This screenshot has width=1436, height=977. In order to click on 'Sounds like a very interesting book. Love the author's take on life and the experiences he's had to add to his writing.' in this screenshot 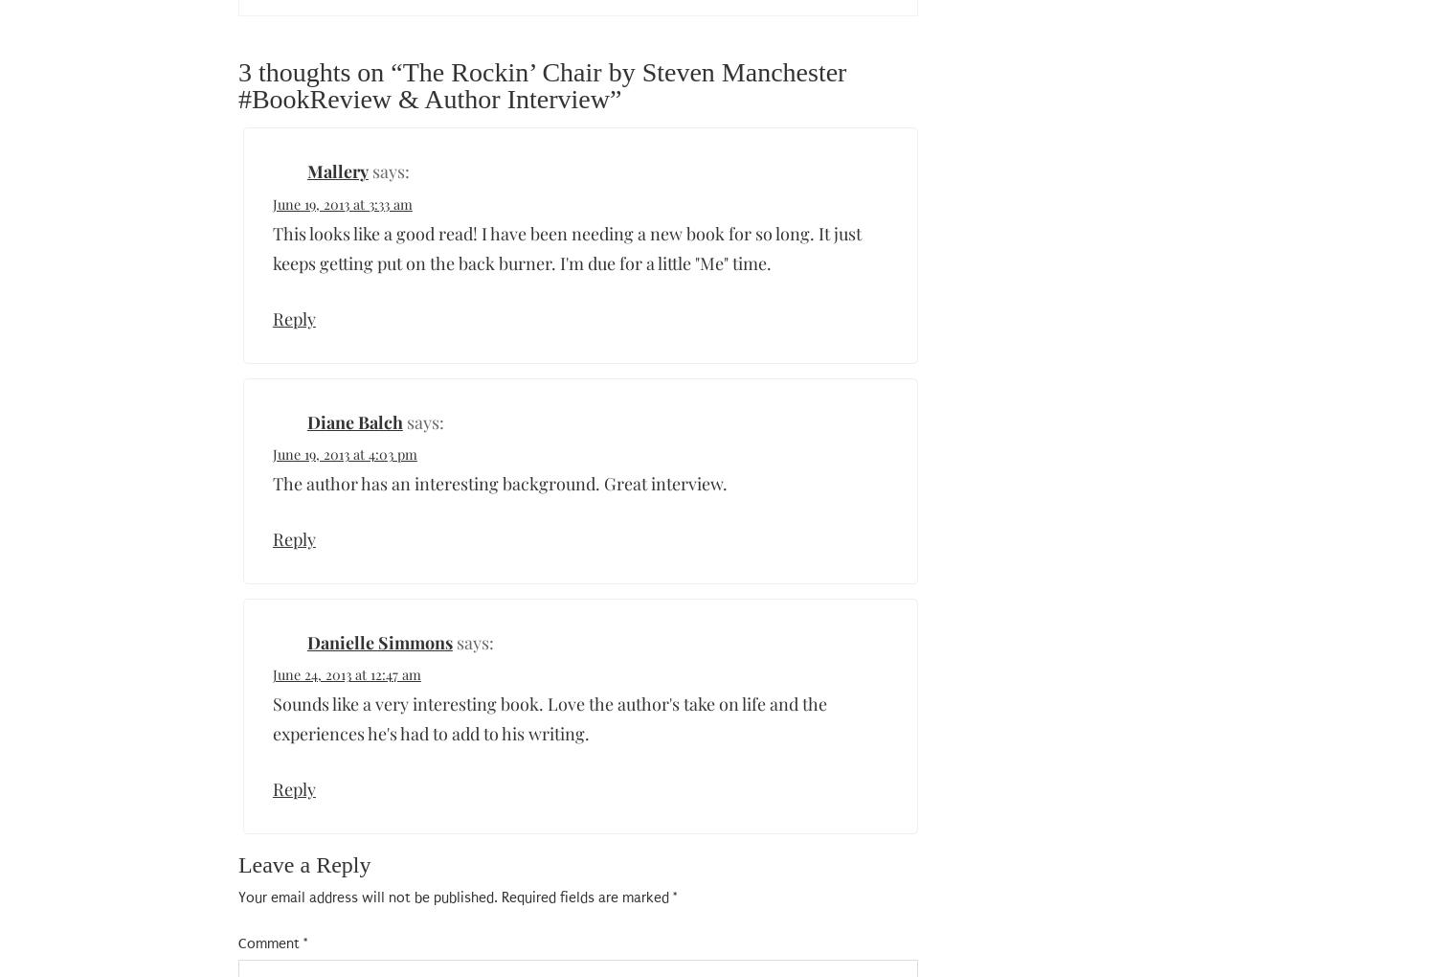, I will do `click(548, 718)`.